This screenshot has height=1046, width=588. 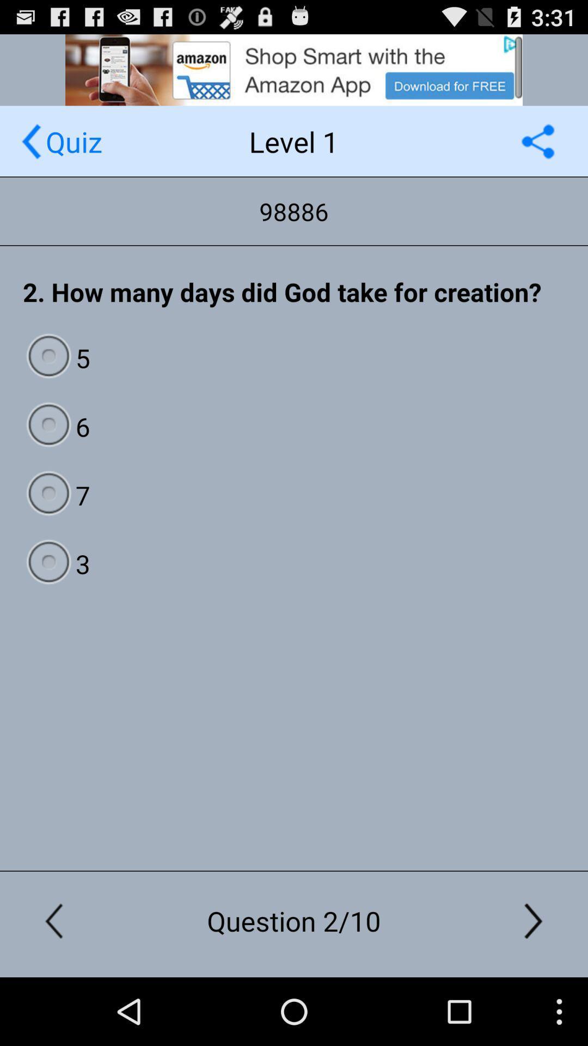 What do you see at coordinates (294, 69) in the screenshot?
I see `click on amazon shopping advertisement` at bounding box center [294, 69].